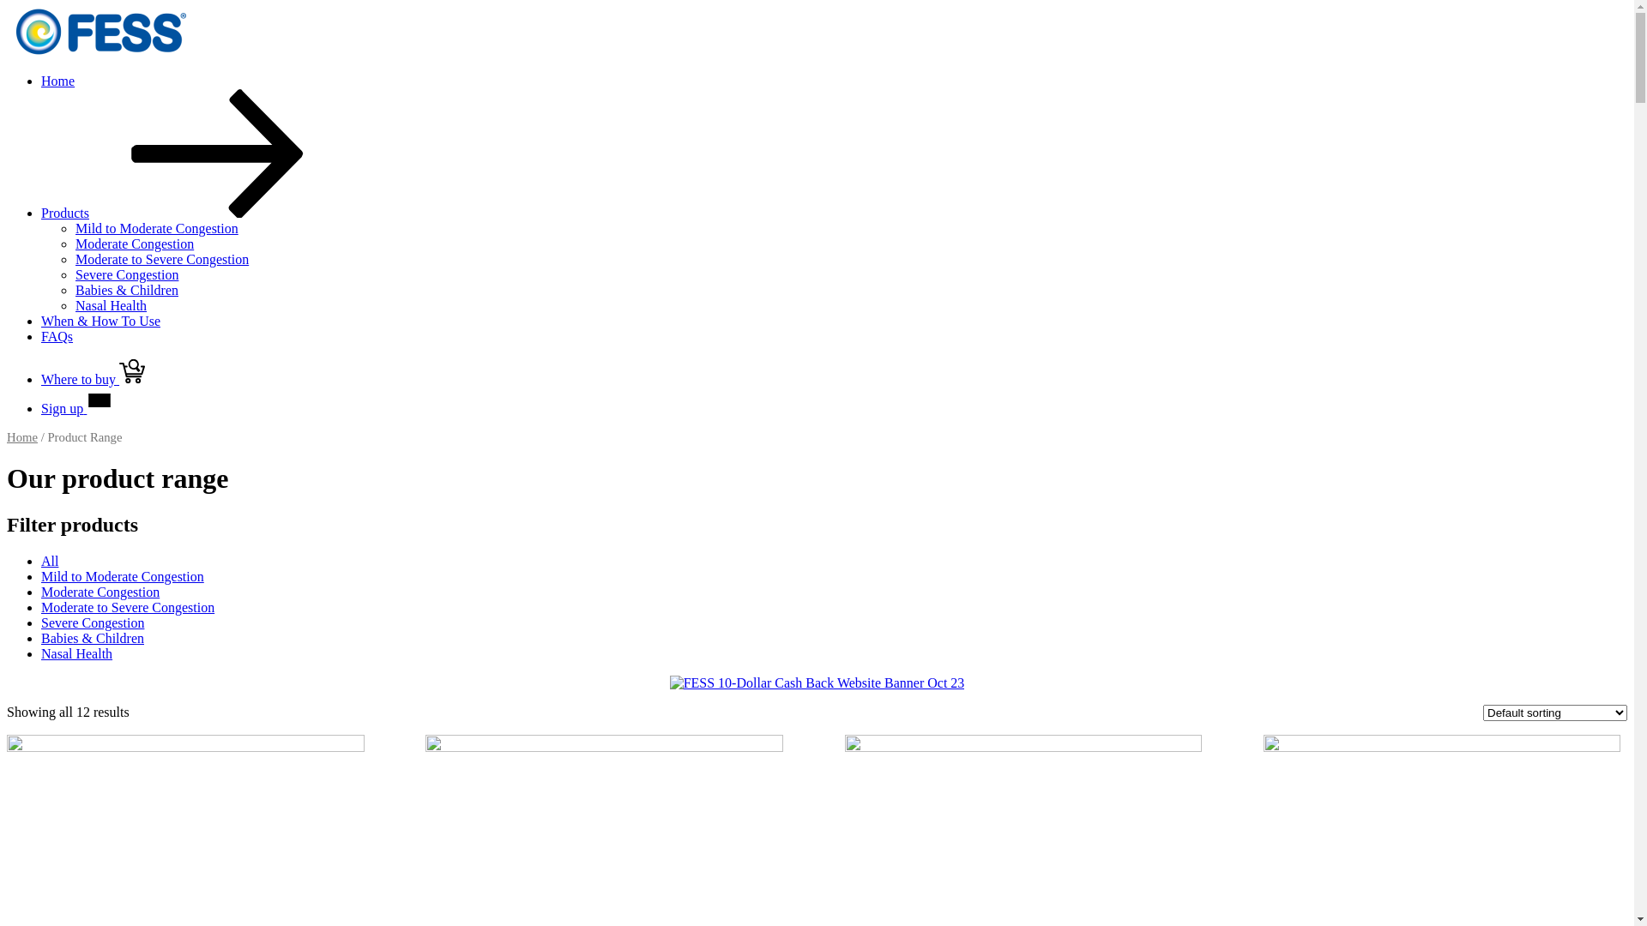  What do you see at coordinates (110, 304) in the screenshot?
I see `'Nasal Health'` at bounding box center [110, 304].